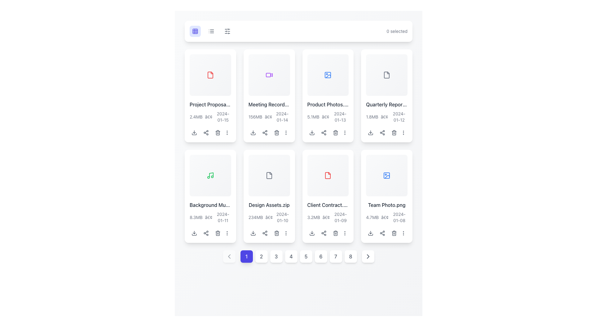 The image size is (595, 335). What do you see at coordinates (386, 74) in the screenshot?
I see `the passive icon representing a file in the fourth grid item of the first row, which aids in user navigation and recognition` at bounding box center [386, 74].